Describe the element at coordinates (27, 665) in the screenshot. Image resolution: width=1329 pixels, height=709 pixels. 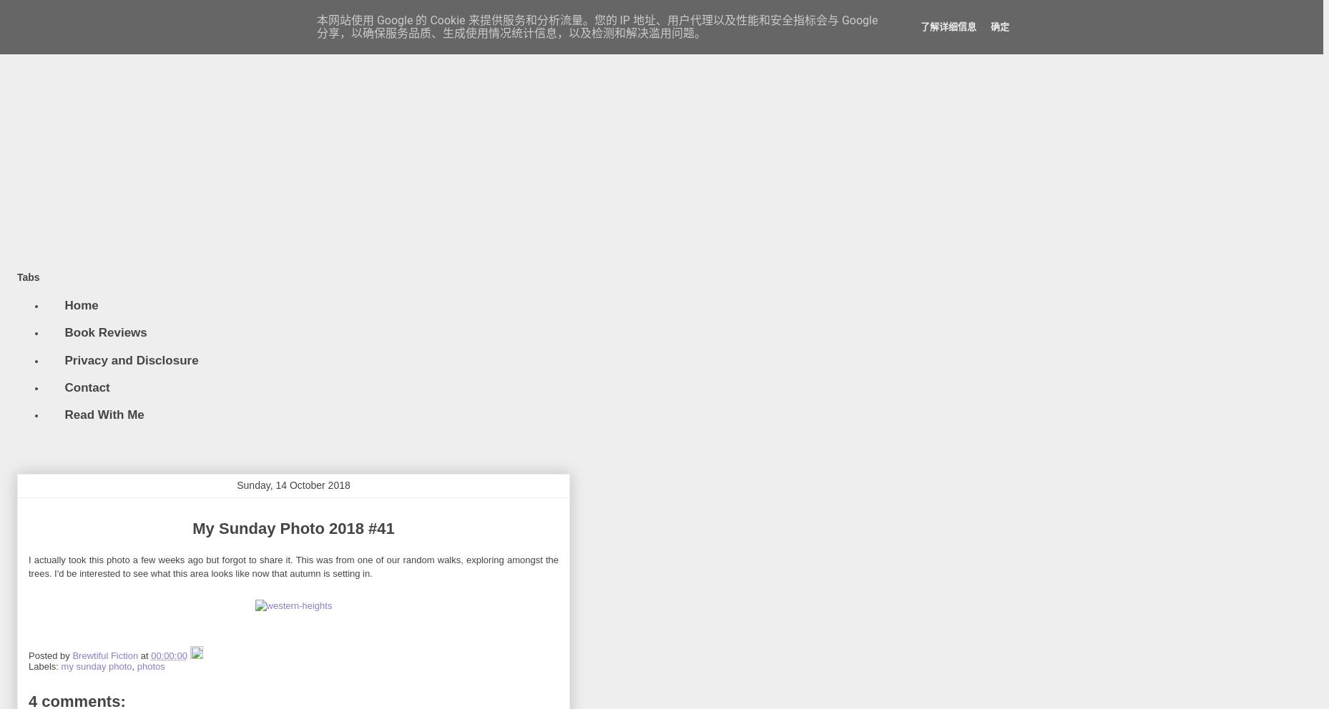
I see `'Labels:'` at that location.